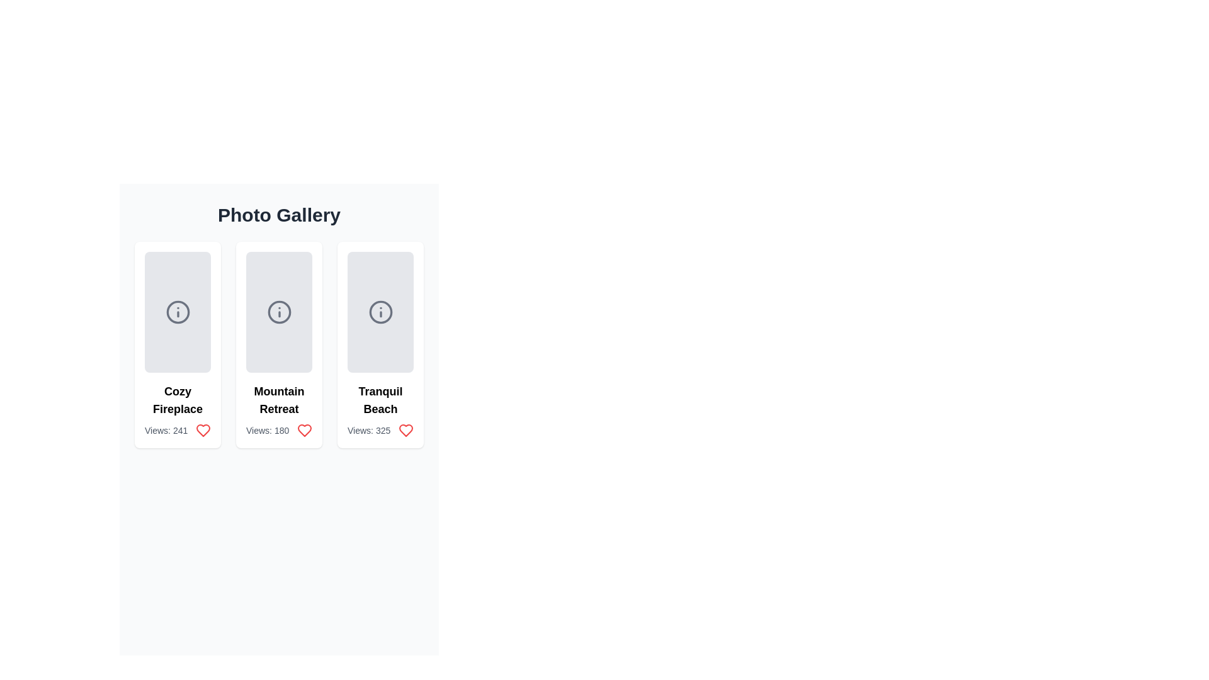 Image resolution: width=1209 pixels, height=680 pixels. Describe the element at coordinates (166, 429) in the screenshot. I see `the text label displaying 'Views: 241' located in the lower section of the leftmost card, which is centered below the title label 'Cozy Fireplace'` at that location.